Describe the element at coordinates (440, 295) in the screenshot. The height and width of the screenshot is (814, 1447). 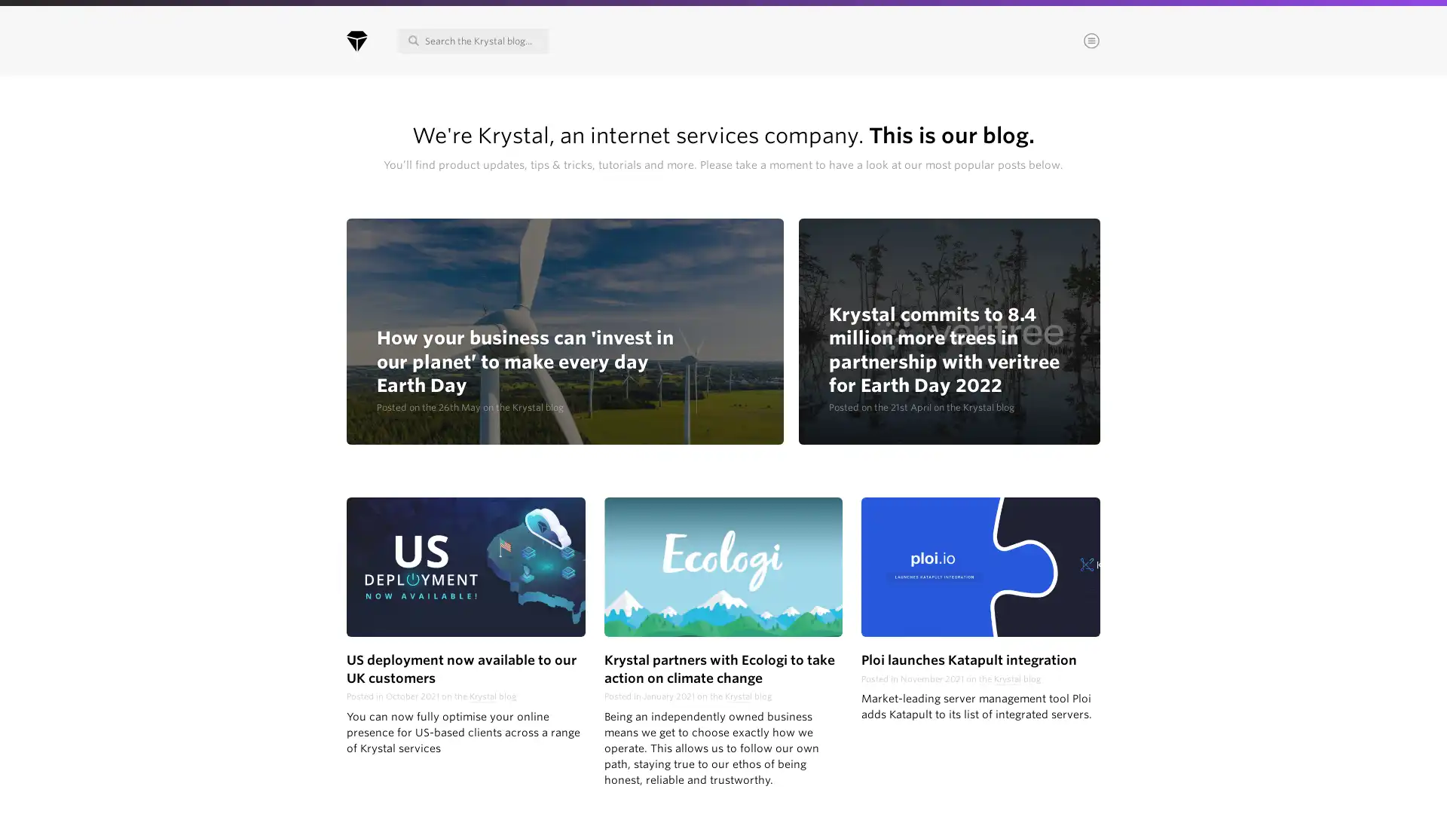
I see `Continue & choose areas of interest` at that location.